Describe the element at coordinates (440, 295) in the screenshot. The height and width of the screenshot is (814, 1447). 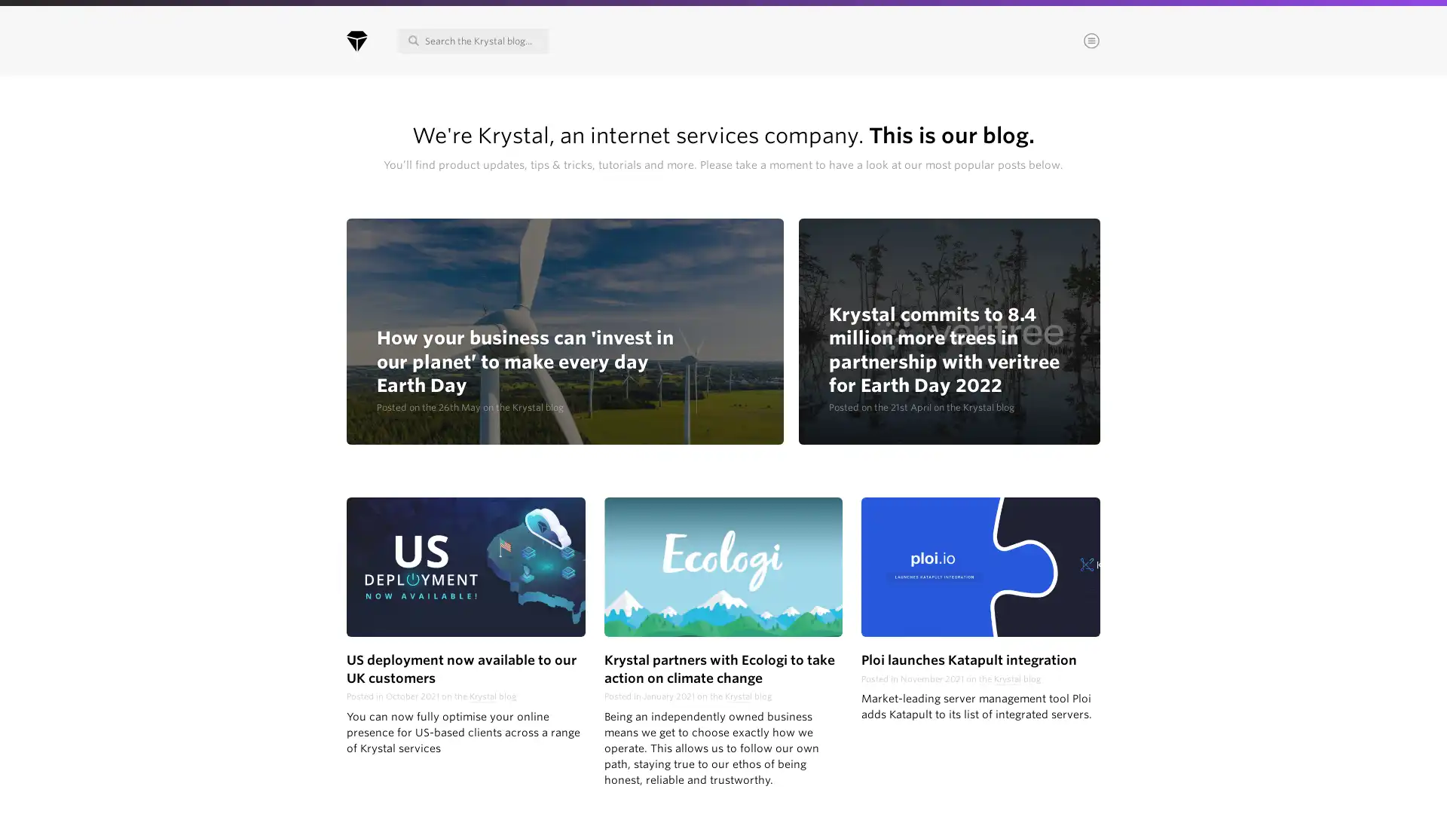
I see `Continue & choose areas of interest` at that location.